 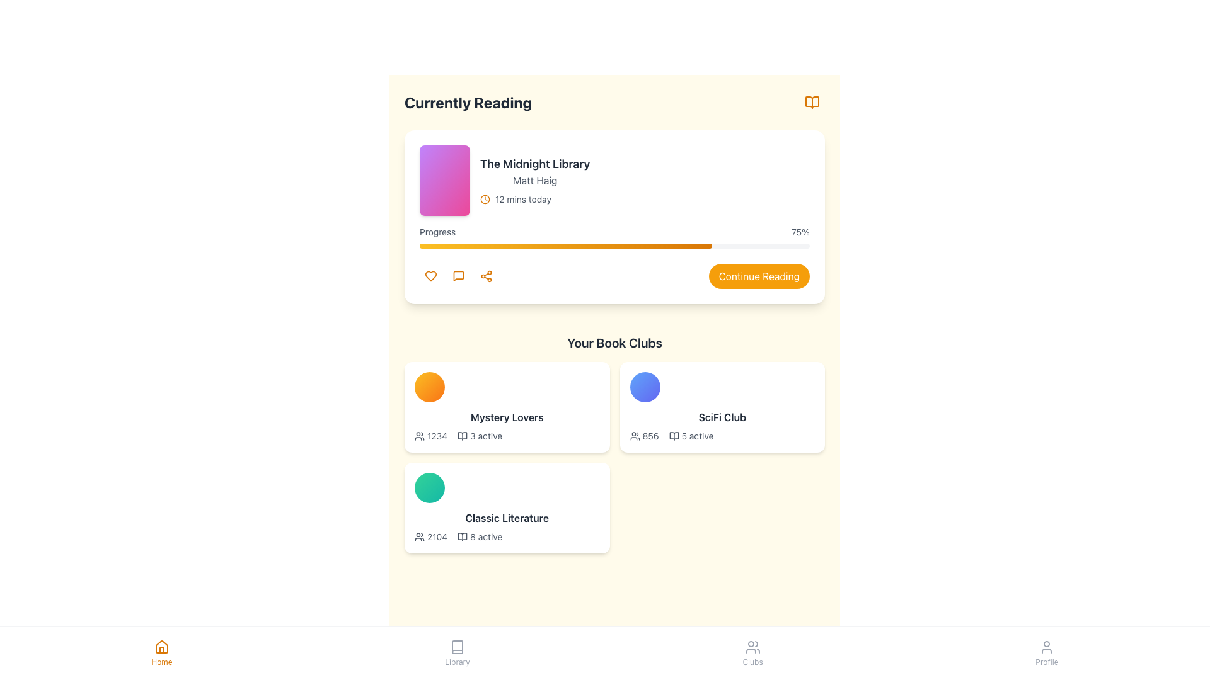 What do you see at coordinates (507, 518) in the screenshot?
I see `the 'Classic Literature' text label located in the third card under the 'Your Book Clubs' section` at bounding box center [507, 518].